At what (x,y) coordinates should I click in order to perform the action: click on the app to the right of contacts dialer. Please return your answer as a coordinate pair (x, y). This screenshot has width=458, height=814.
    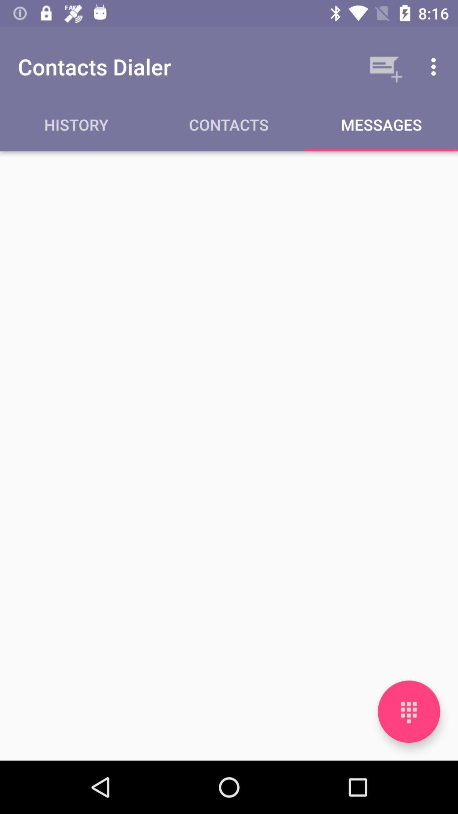
    Looking at the image, I should click on (384, 66).